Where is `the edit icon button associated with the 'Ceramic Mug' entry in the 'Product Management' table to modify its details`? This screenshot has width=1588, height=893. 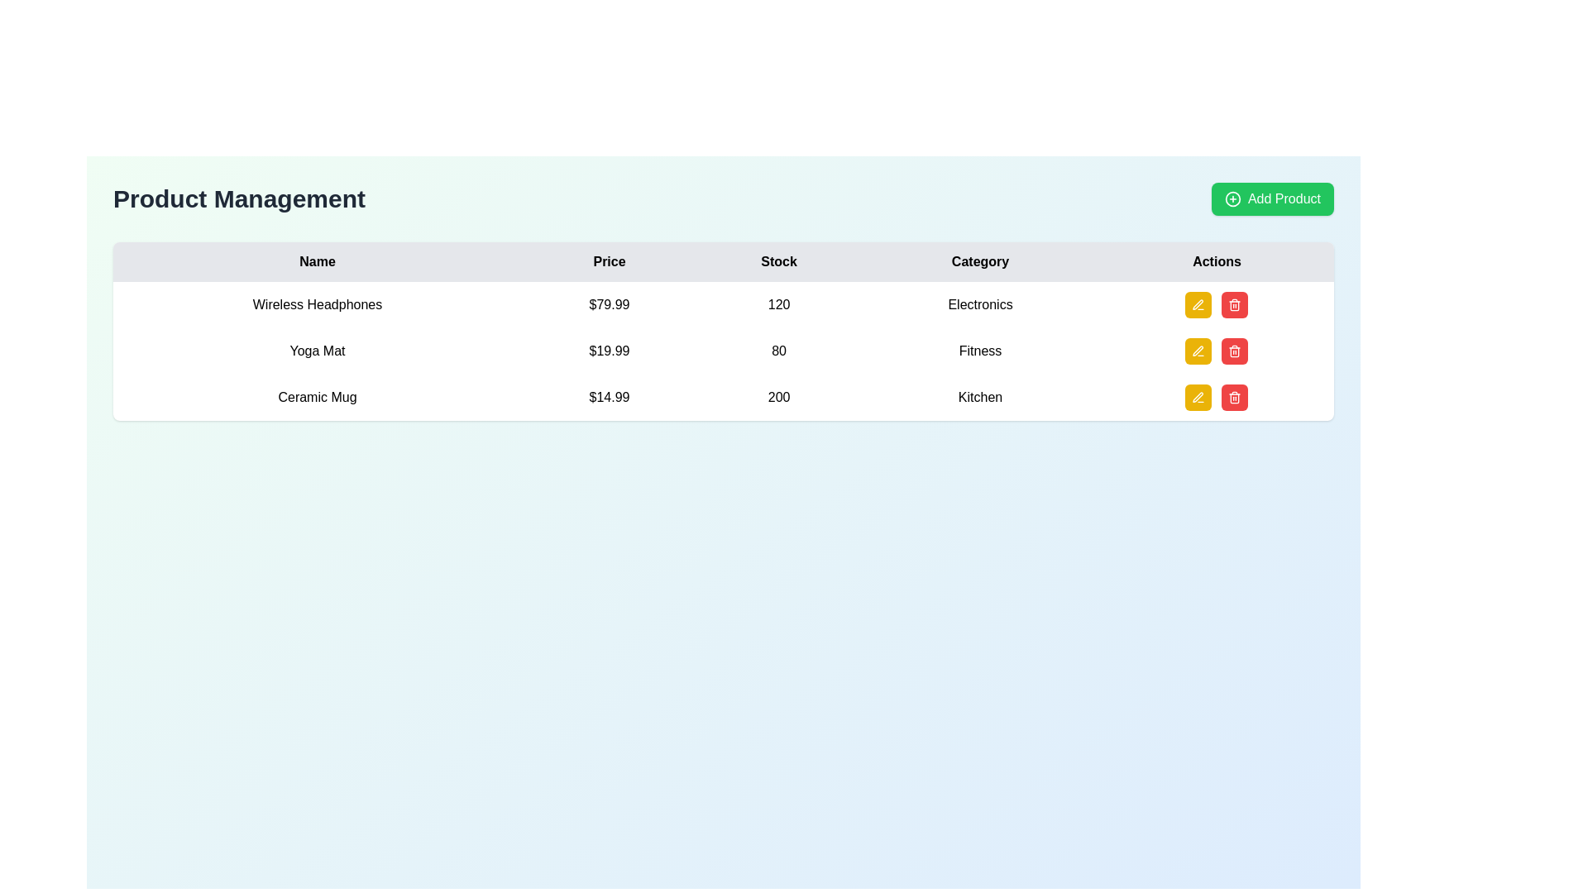 the edit icon button associated with the 'Ceramic Mug' entry in the 'Product Management' table to modify its details is located at coordinates (1198, 305).